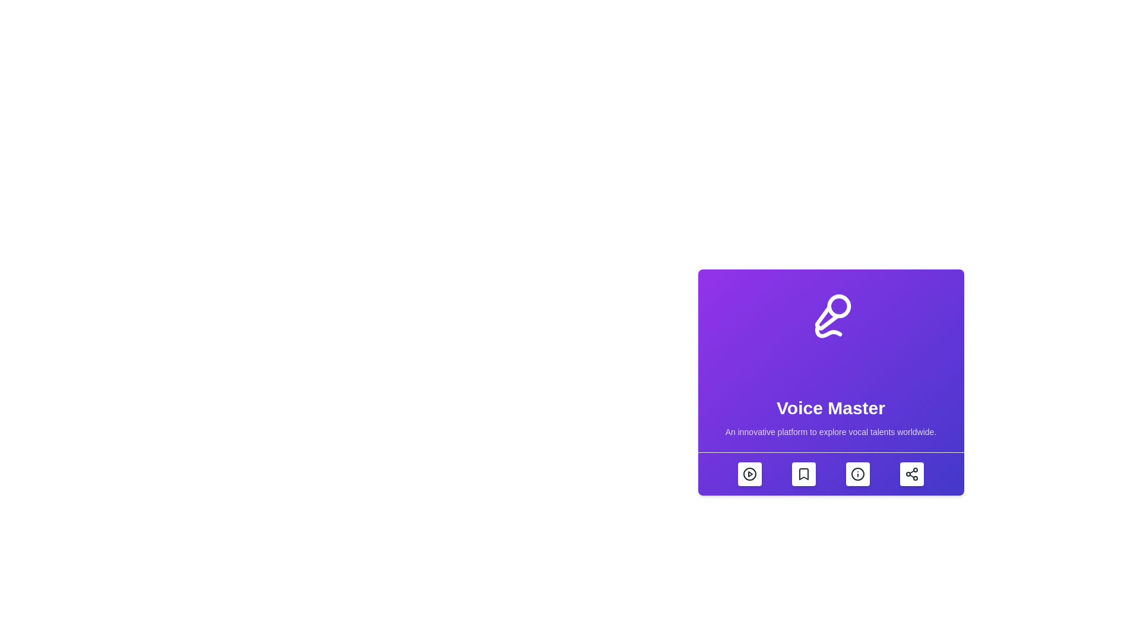 This screenshot has width=1140, height=641. I want to click on the play button located as the first icon from the left in the horizontal row of actions below the 'Voice Master' card, so click(749, 473).